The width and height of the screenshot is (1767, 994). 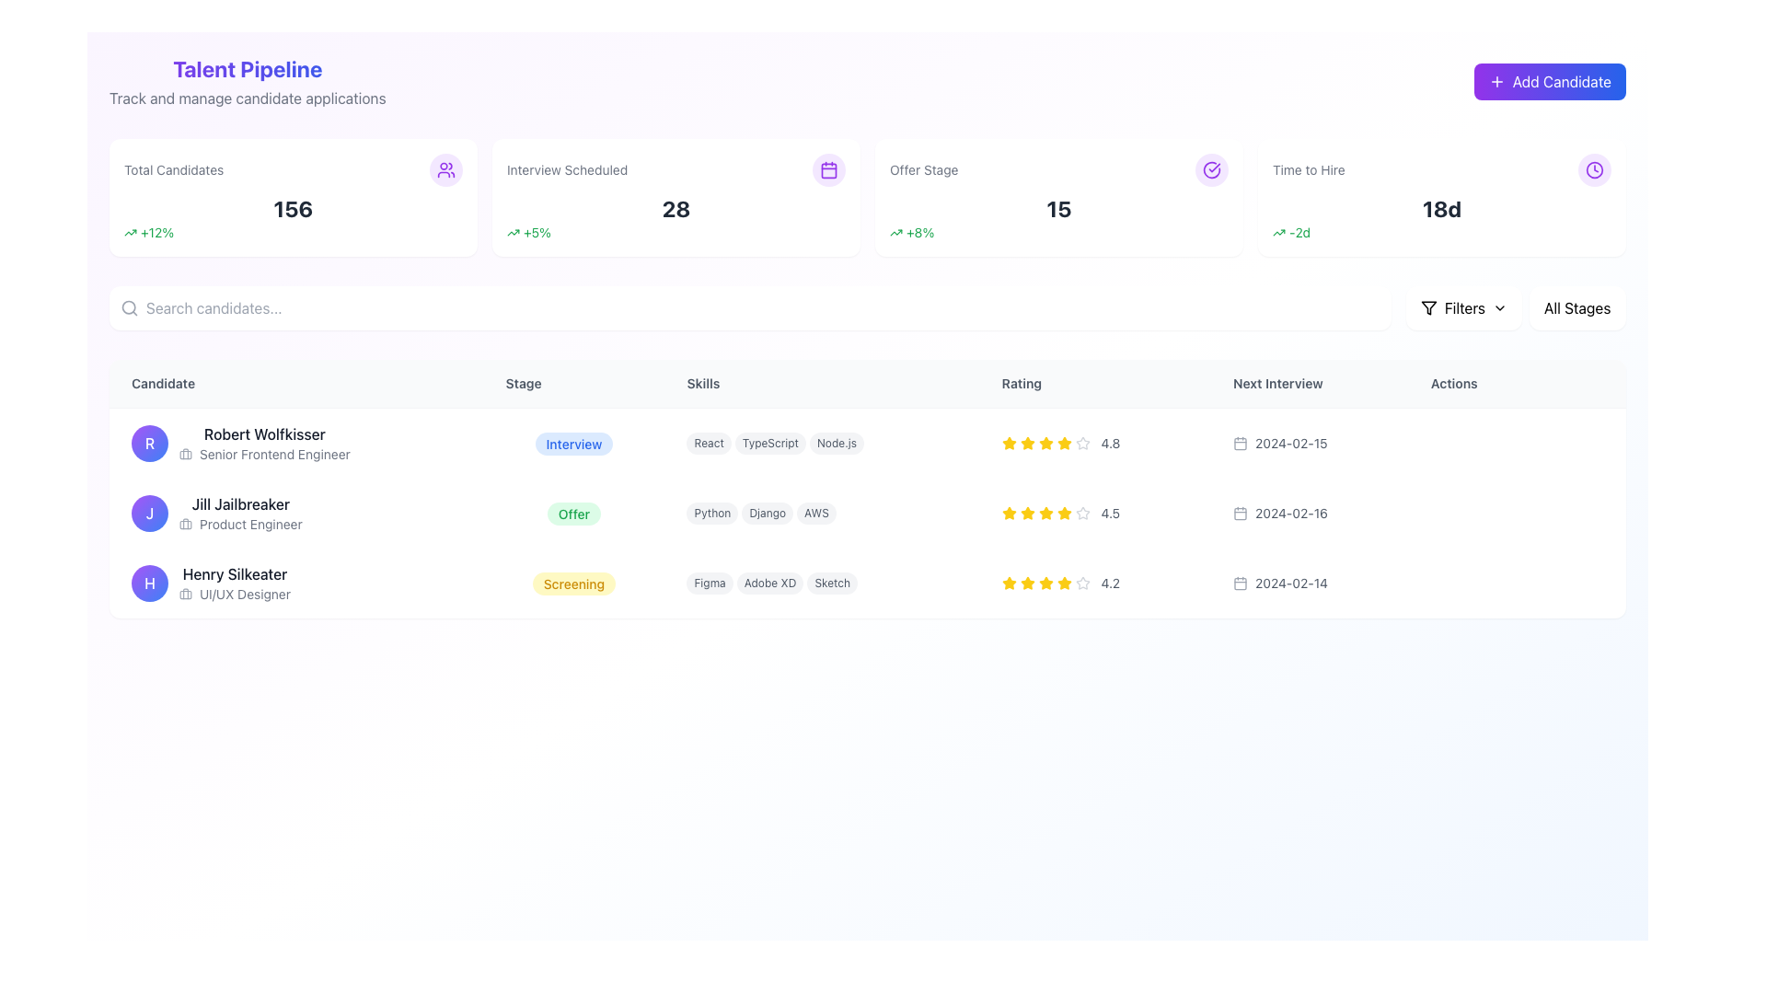 I want to click on the third star icon representing the third rating level for the candidate in the rating table, so click(x=1008, y=583).